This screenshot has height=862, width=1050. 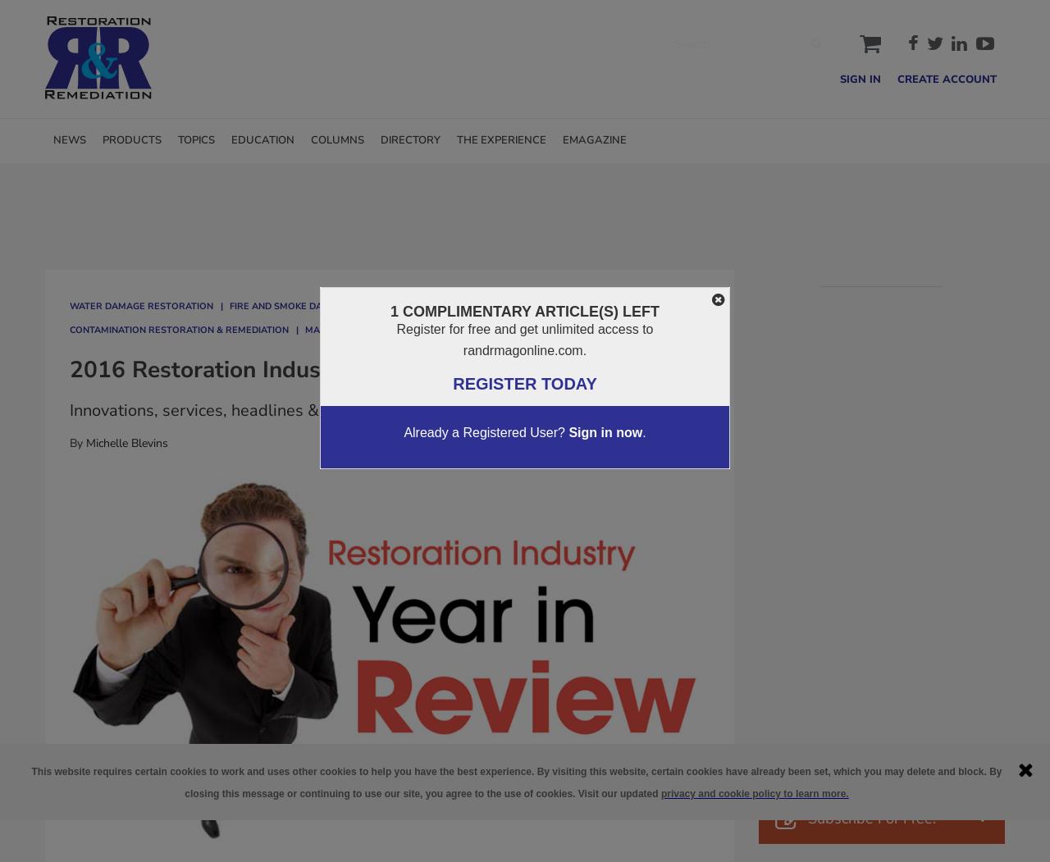 What do you see at coordinates (500, 139) in the screenshot?
I see `'THE EXPERIENCE'` at bounding box center [500, 139].